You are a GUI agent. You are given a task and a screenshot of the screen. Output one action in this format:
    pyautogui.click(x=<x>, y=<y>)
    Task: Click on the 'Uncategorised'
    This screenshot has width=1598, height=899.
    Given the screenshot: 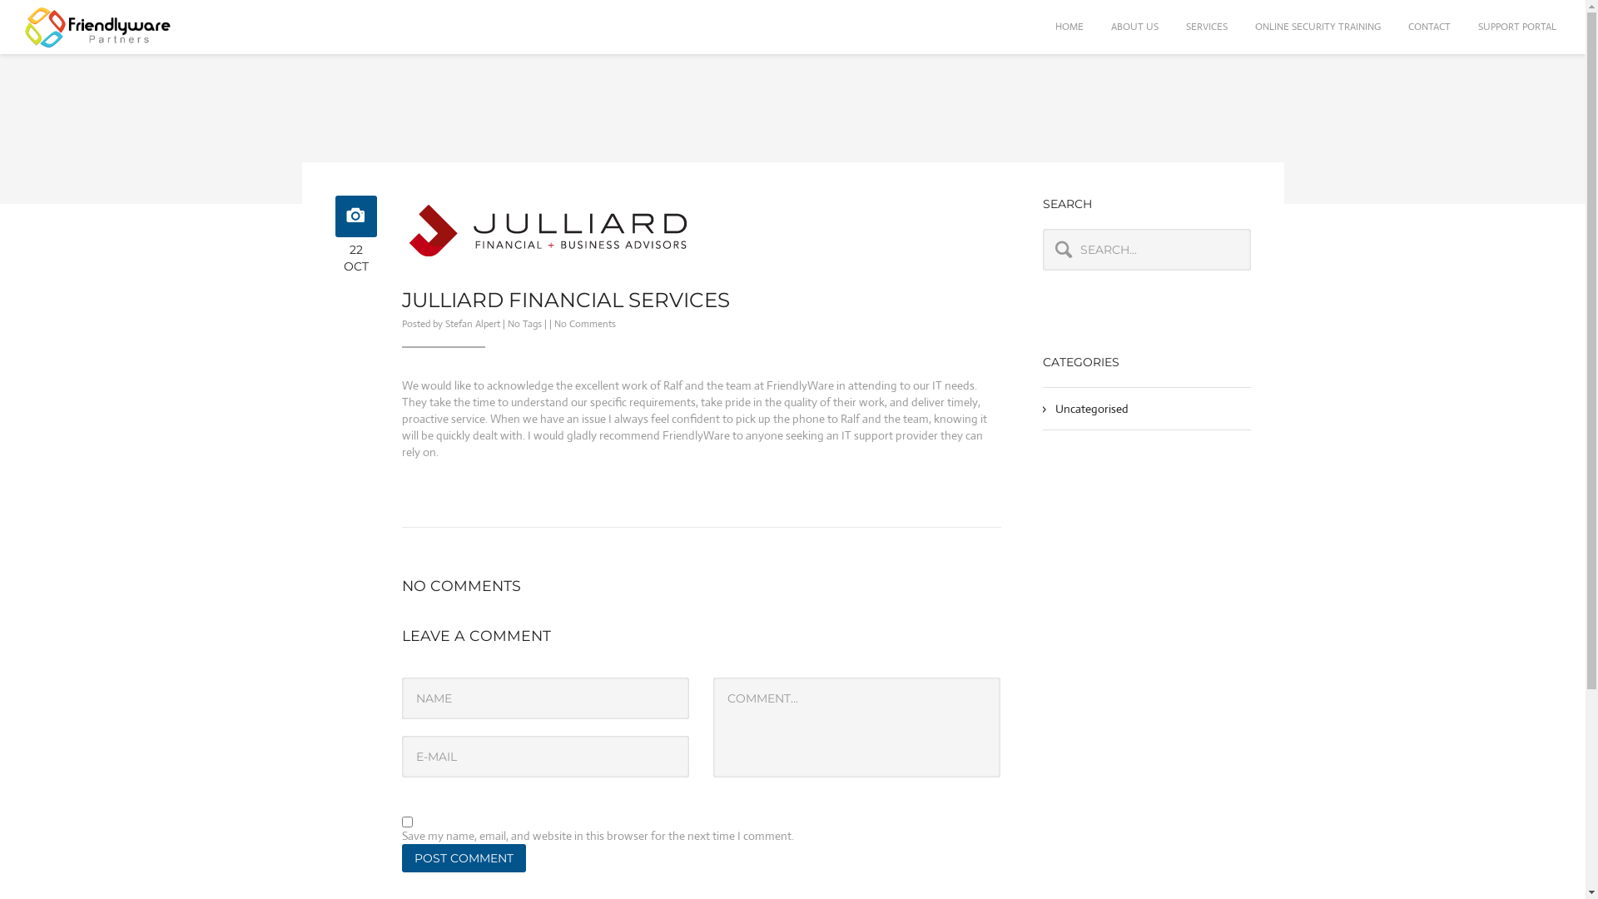 What is the action you would take?
    pyautogui.click(x=1091, y=408)
    